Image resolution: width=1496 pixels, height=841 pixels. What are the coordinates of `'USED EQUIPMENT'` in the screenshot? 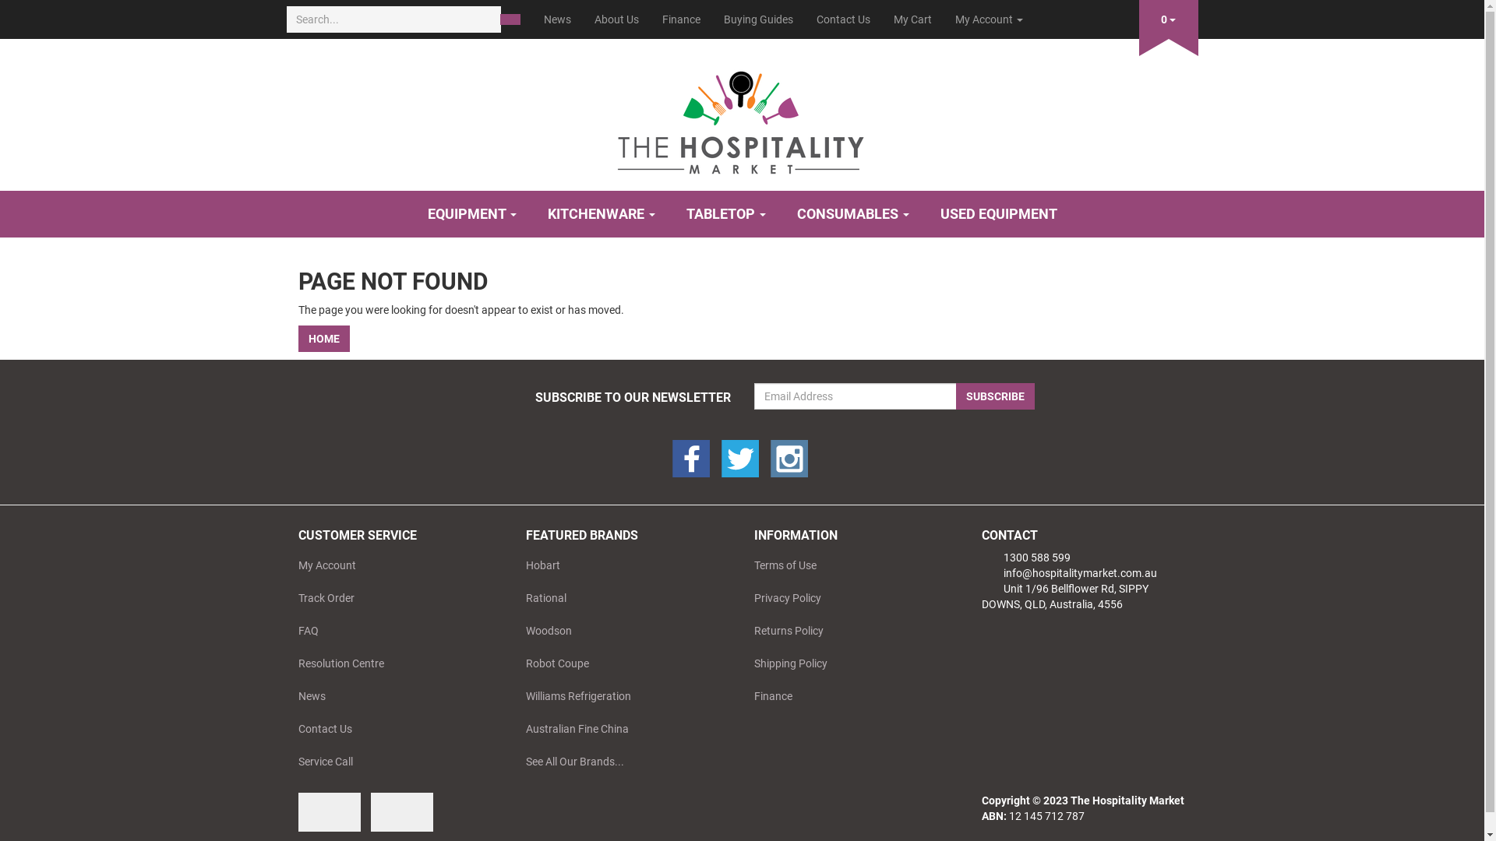 It's located at (998, 213).